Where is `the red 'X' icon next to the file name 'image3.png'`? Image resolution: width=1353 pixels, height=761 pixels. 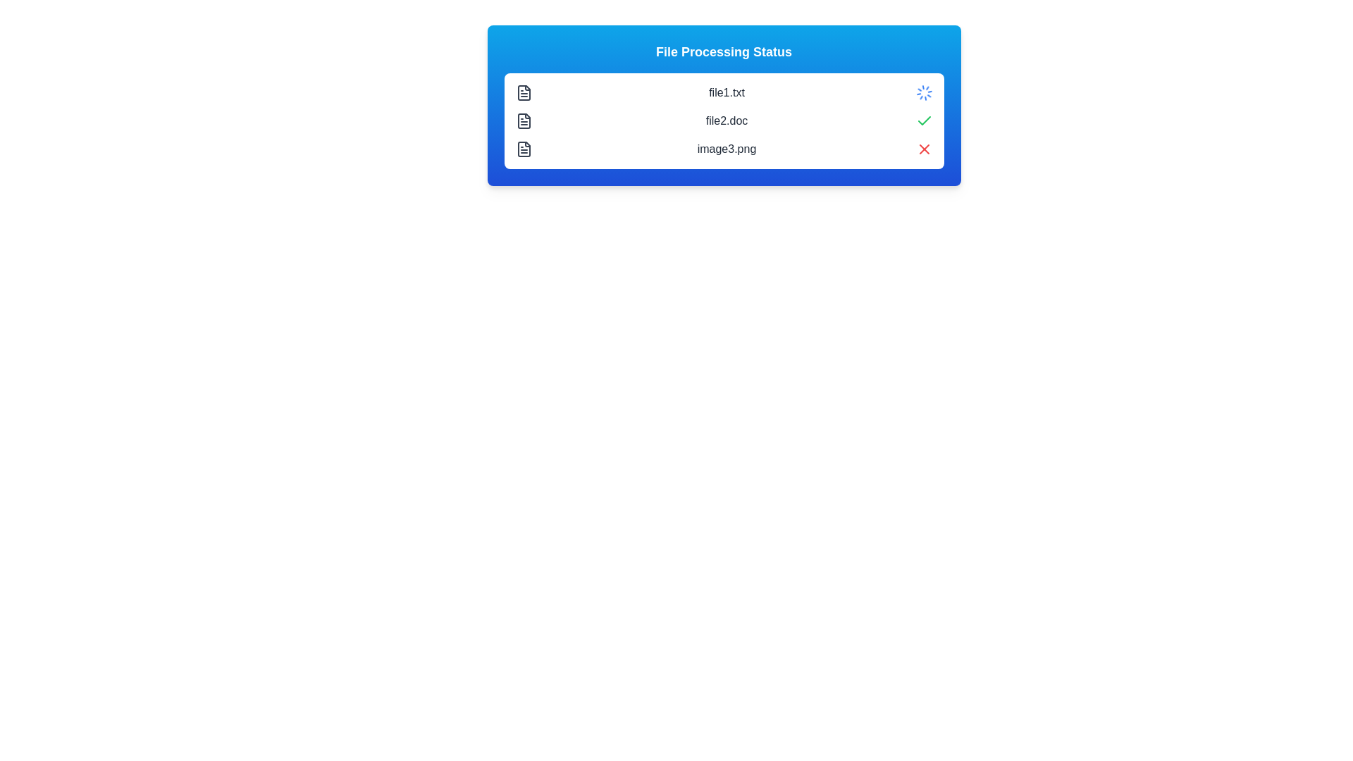 the red 'X' icon next to the file name 'image3.png' is located at coordinates (924, 149).